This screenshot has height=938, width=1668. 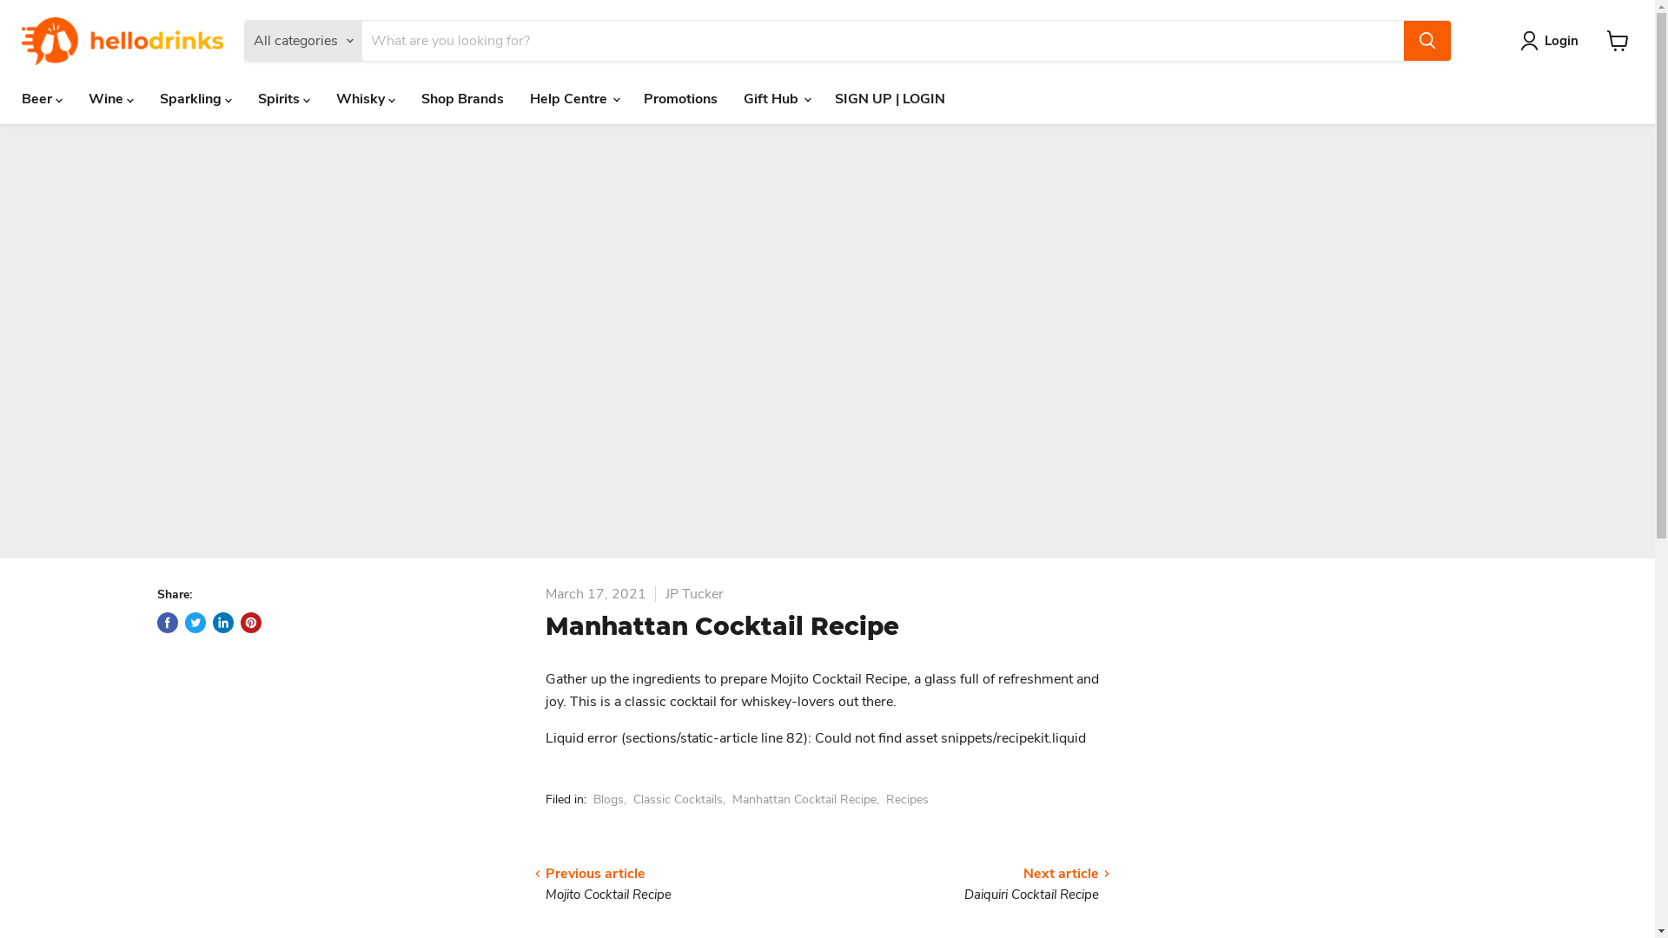 I want to click on 'Share on Facebook', so click(x=167, y=622).